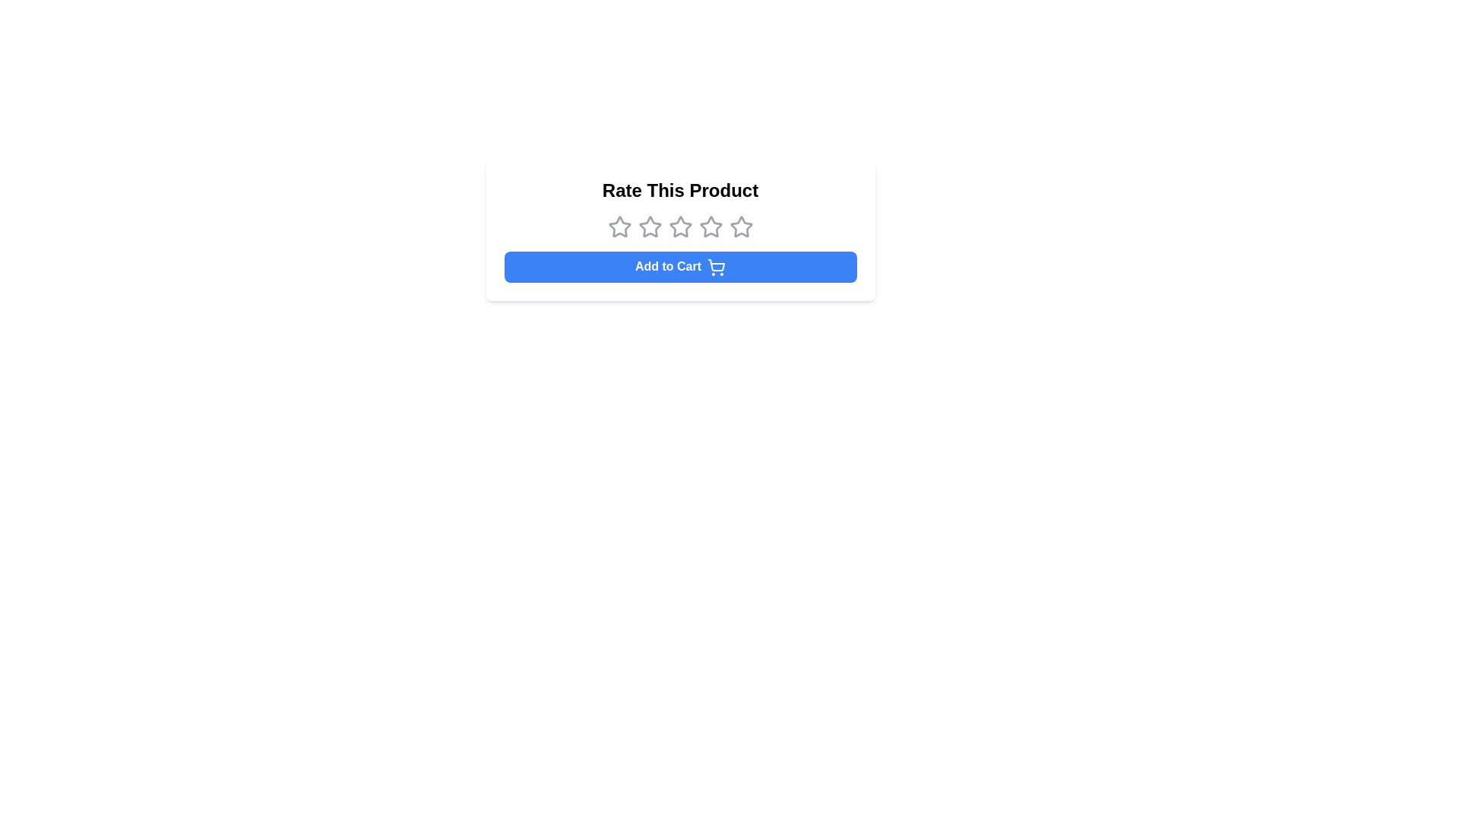 The width and height of the screenshot is (1459, 821). Describe the element at coordinates (650, 227) in the screenshot. I see `the second rating star` at that location.